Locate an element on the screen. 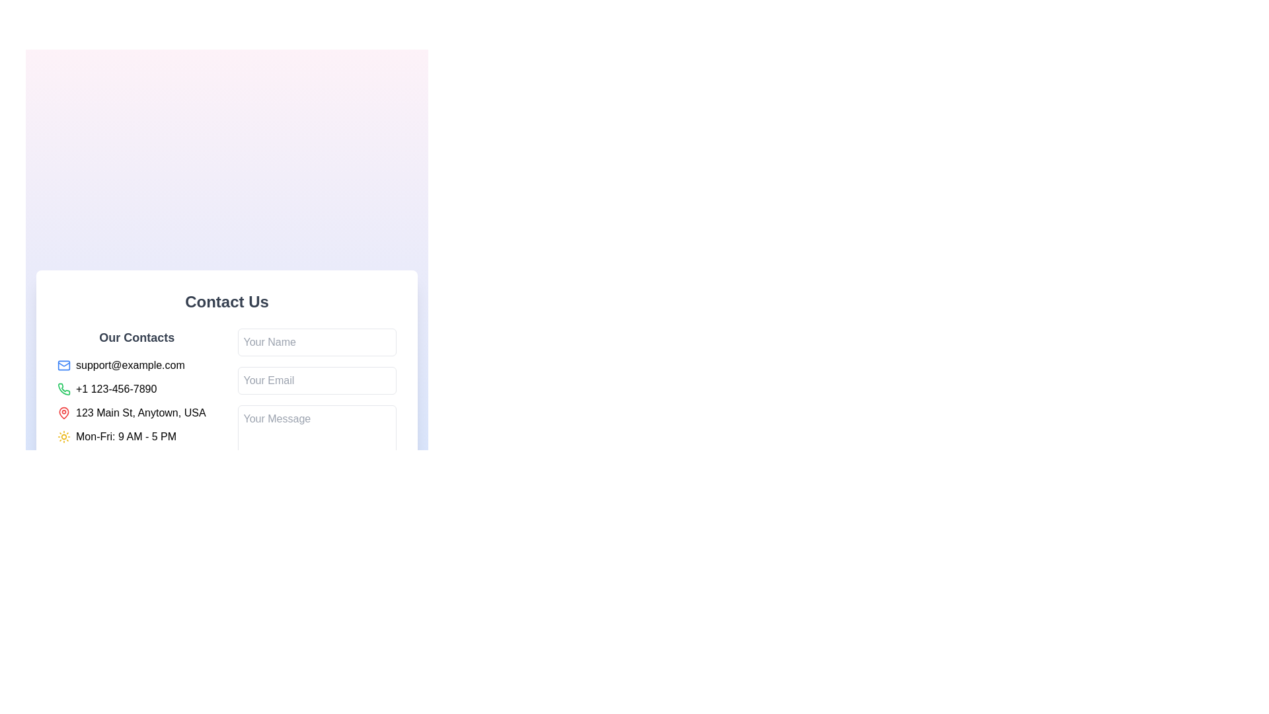 Image resolution: width=1269 pixels, height=714 pixels. the title text element that serves as a heading for the contact information section, located at the top center of the section is located at coordinates (137, 337).